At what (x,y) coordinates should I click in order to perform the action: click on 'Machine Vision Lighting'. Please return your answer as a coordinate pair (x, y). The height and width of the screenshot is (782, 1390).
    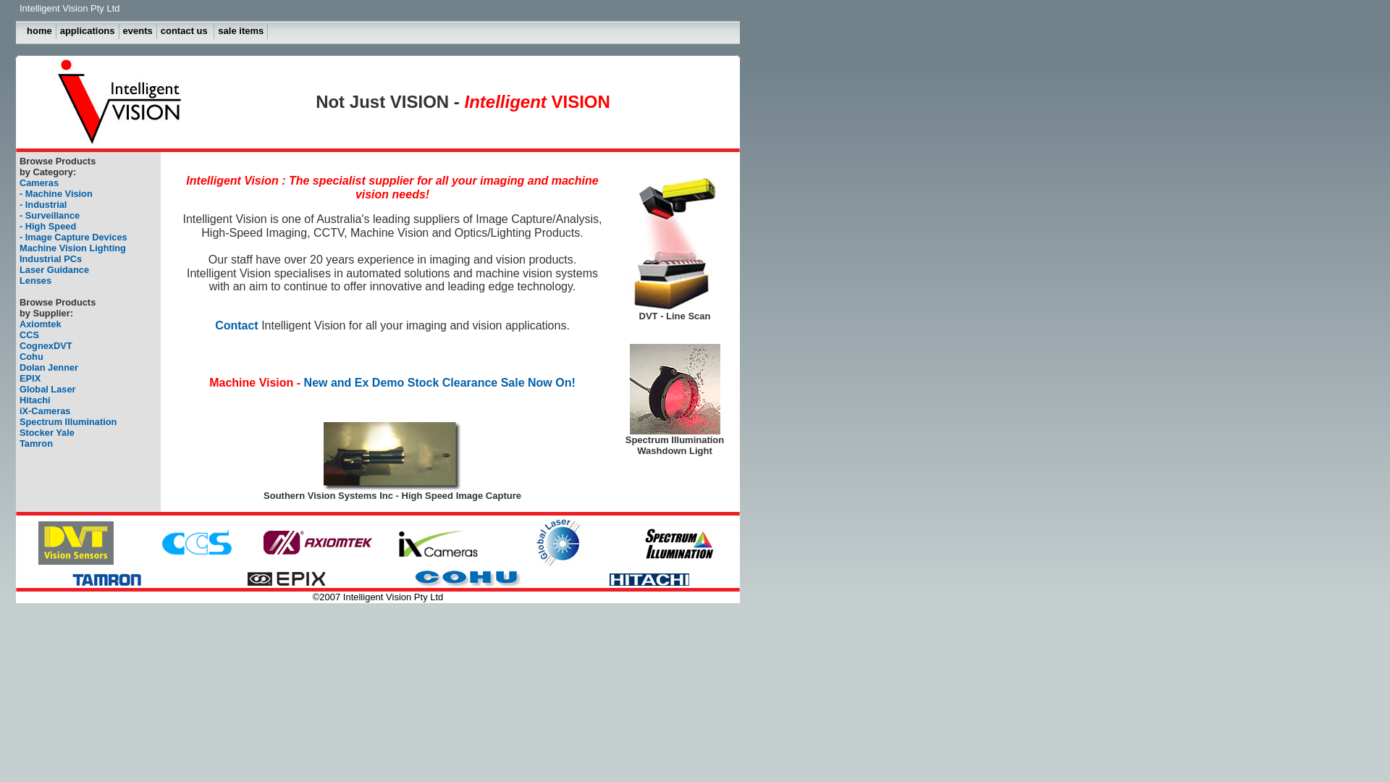
    Looking at the image, I should click on (72, 247).